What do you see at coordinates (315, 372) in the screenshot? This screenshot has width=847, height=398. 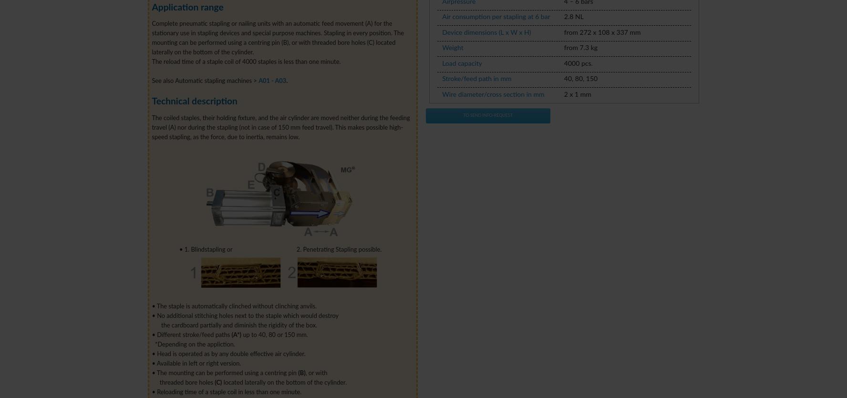 I see `', or with'` at bounding box center [315, 372].